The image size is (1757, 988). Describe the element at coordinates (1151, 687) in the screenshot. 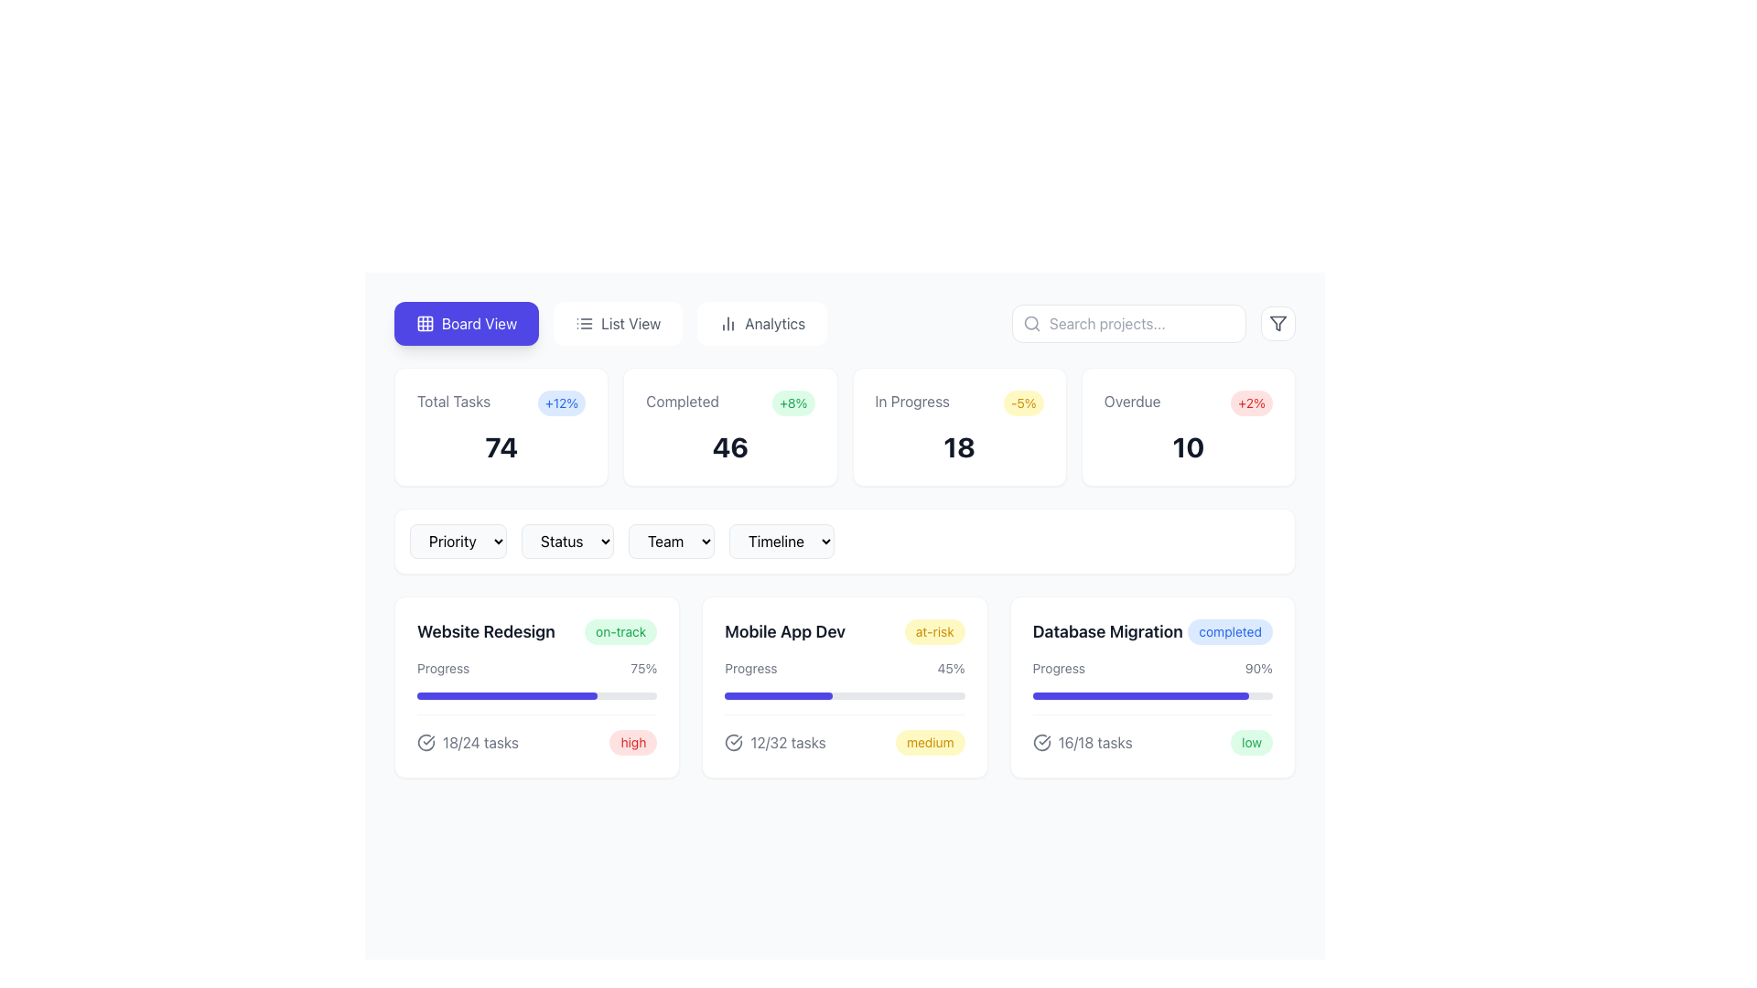

I see `task completion ratio from the Information card titled 'Database Migration', which is the third card in a row of three cards representing project statuses` at that location.